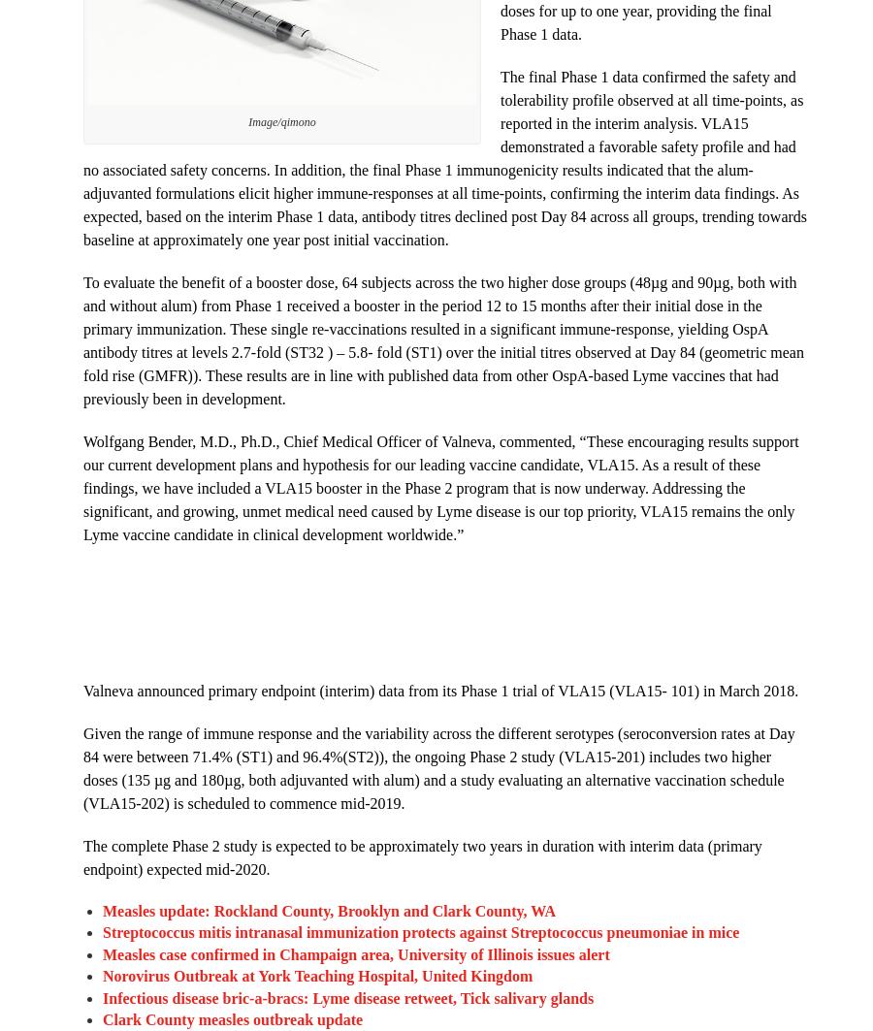  Describe the element at coordinates (442, 339) in the screenshot. I see `'To evaluate the benefit of a booster dose, 64 subjects across the two higher dose groups (48µg and 90µg, both with and without alum) from Phase 1 received a booster in the period 12 to 15 months after their initial dose in the primary immunization. These single re-vaccinations resulted in a significant immune-response, yielding OspA antibody titres at levels 2.7-fold (ST32 ) – 5.8- fold (ST1) over the initial titres observed at Day 84 (geometric mean fold rise (GMFR)). These results are in line with published data from other OspA-based Lyme vaccines that had previously been in development.'` at that location.